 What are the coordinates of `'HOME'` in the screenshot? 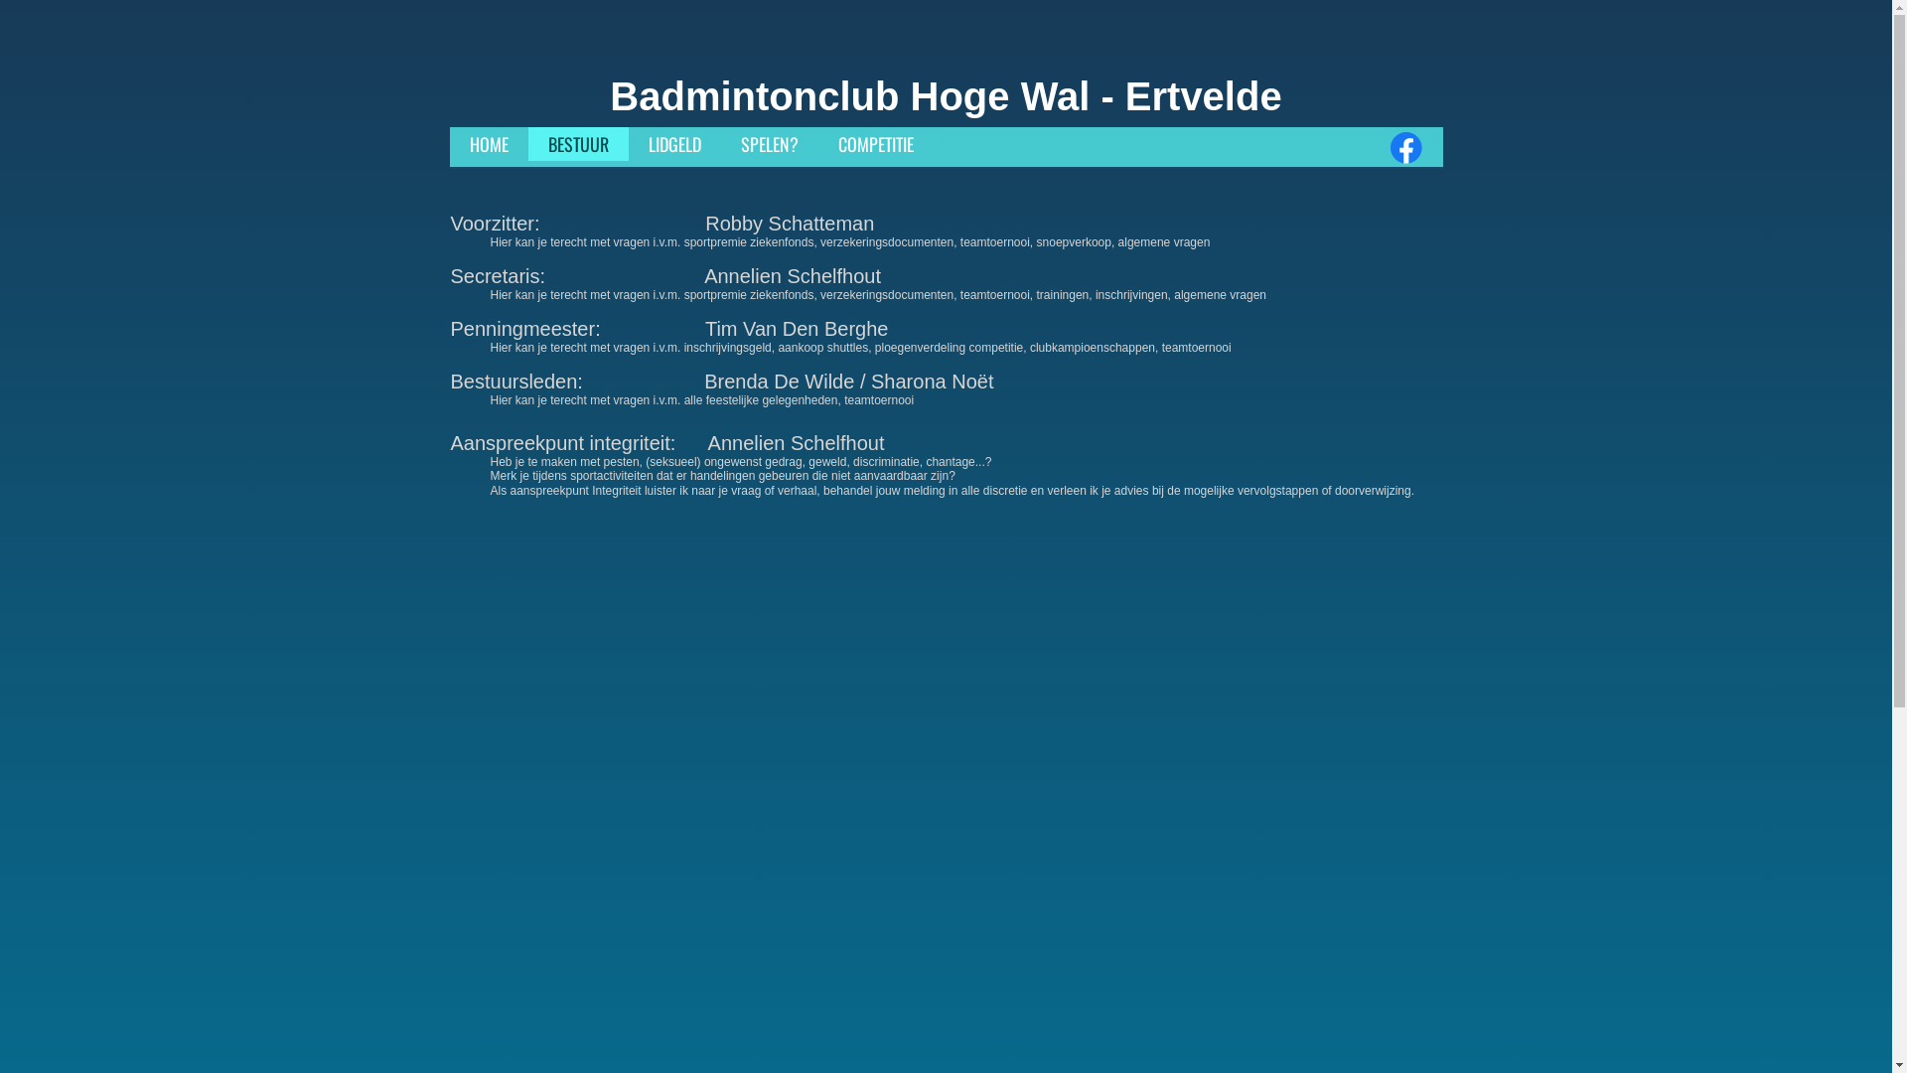 It's located at (488, 143).